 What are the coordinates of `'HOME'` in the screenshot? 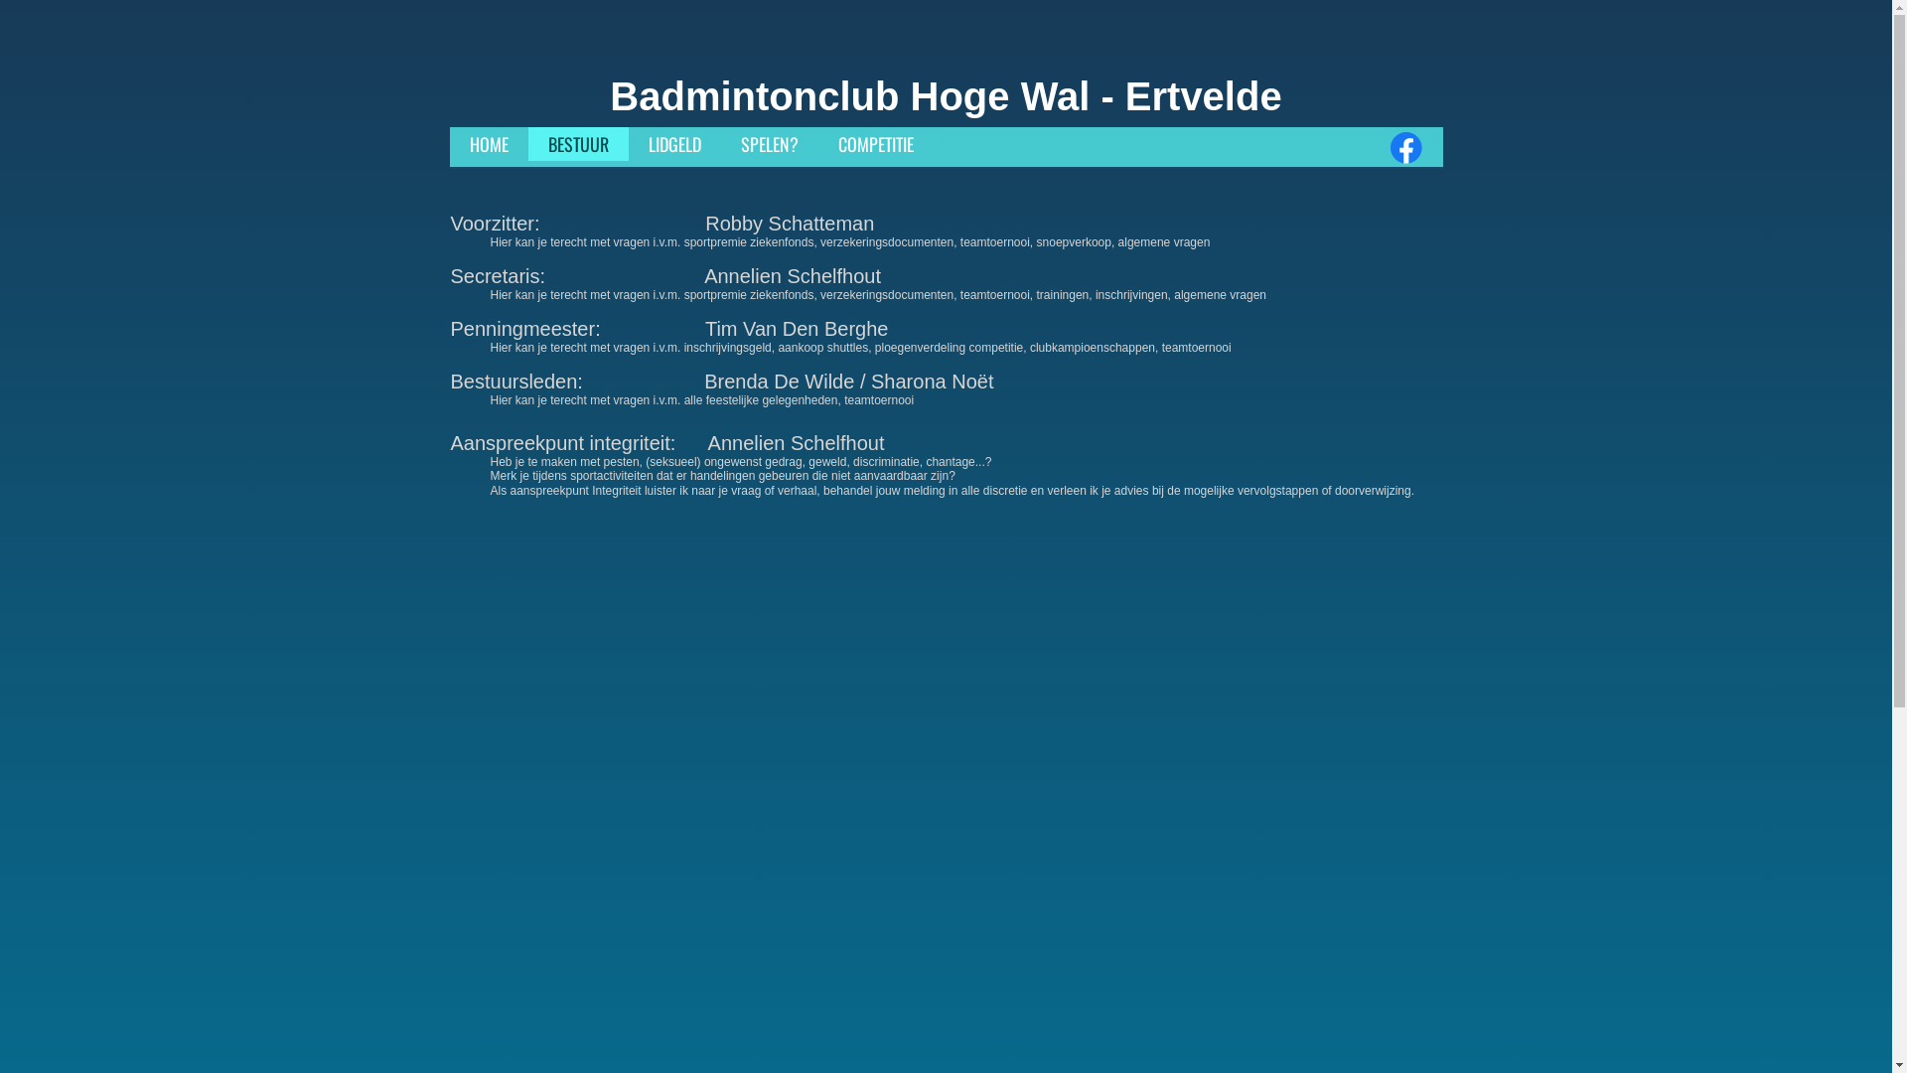 It's located at (488, 143).